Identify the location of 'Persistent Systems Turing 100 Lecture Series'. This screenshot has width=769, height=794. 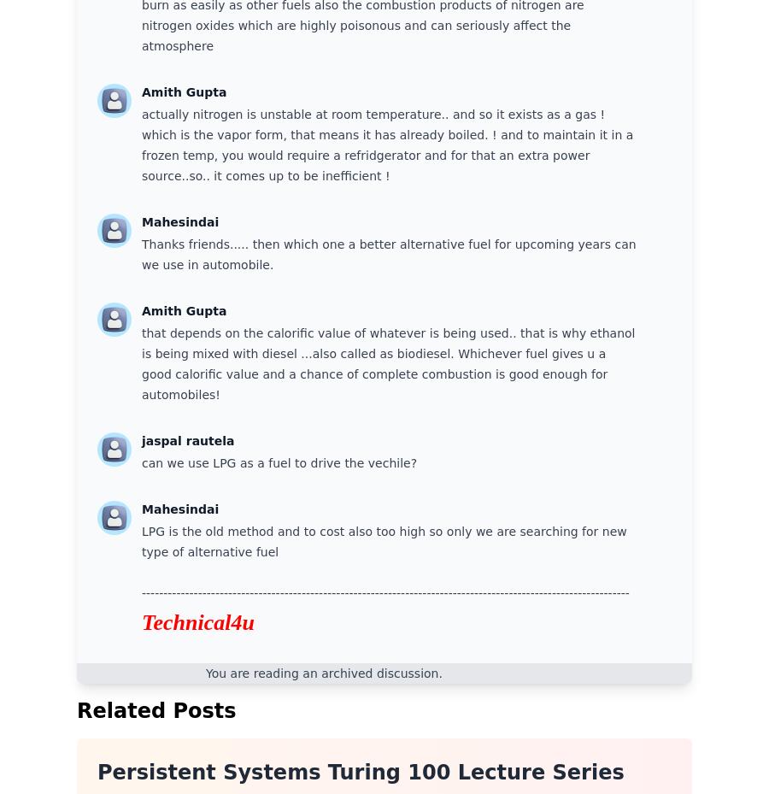
(361, 771).